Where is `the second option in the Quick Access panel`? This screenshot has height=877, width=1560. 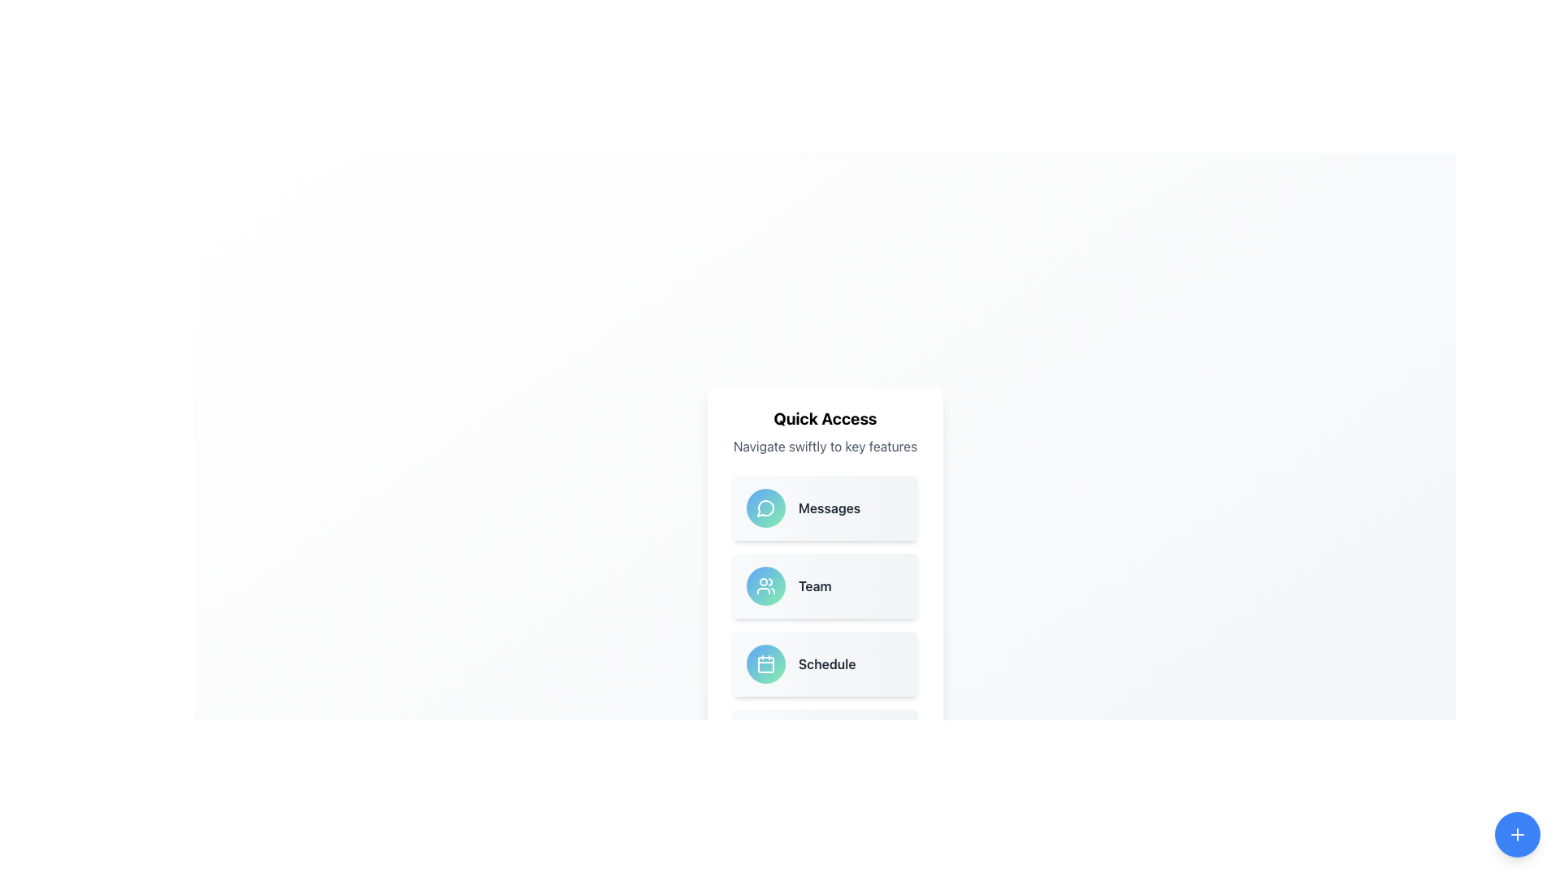 the second option in the Quick Access panel is located at coordinates (825, 585).